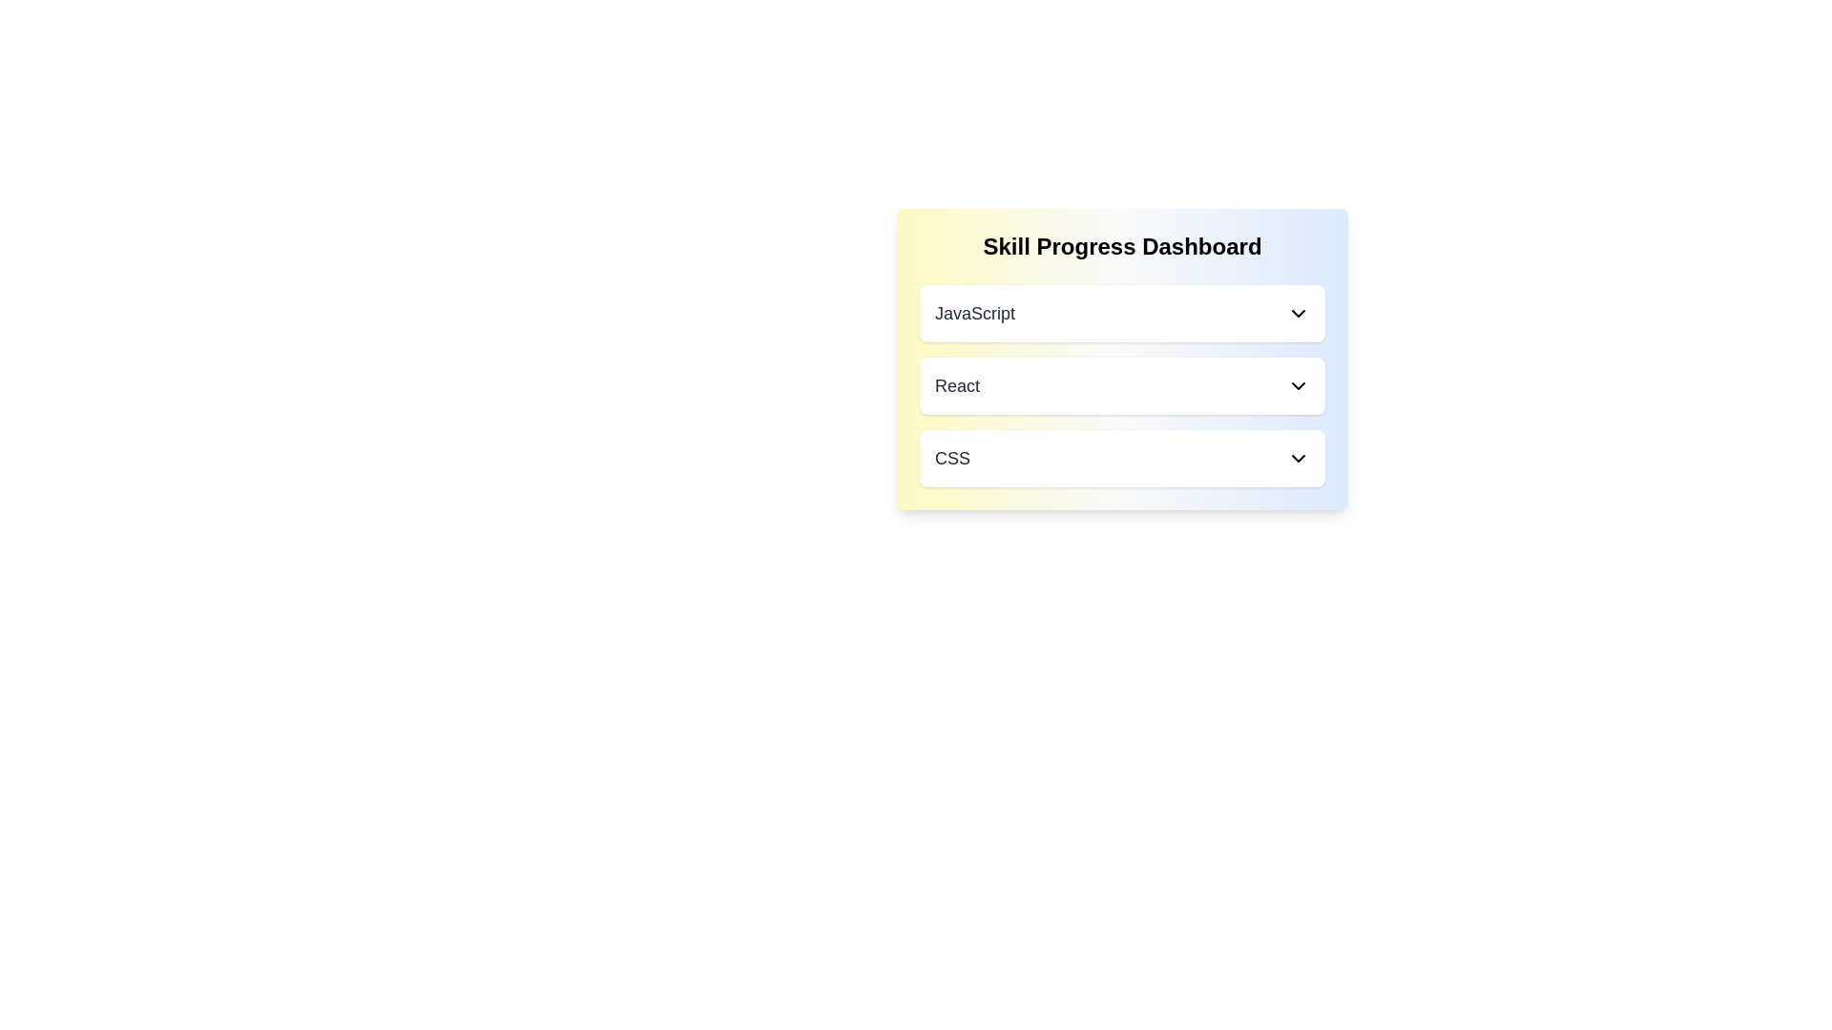  Describe the element at coordinates (975, 312) in the screenshot. I see `the text label displaying 'JavaScript' in bold, dark gray color located in the topmost dropdown field of a vertical list of dropdowns` at that location.